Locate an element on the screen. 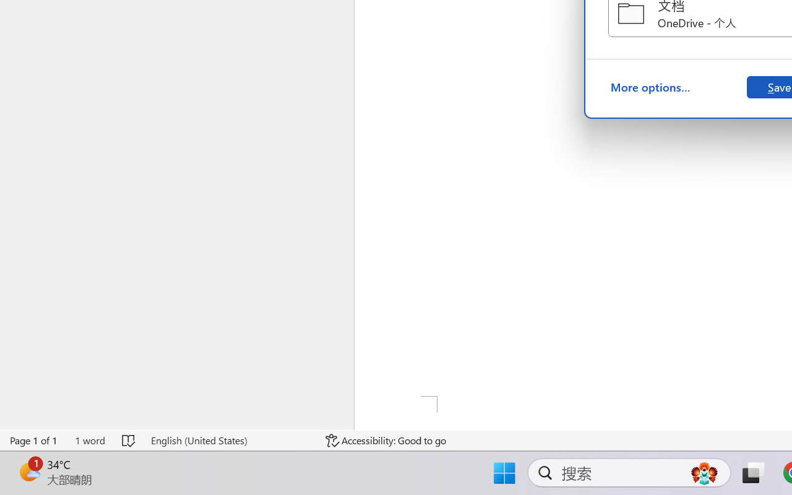 This screenshot has width=792, height=495. 'Page Number Page 1 of 1' is located at coordinates (34, 440).